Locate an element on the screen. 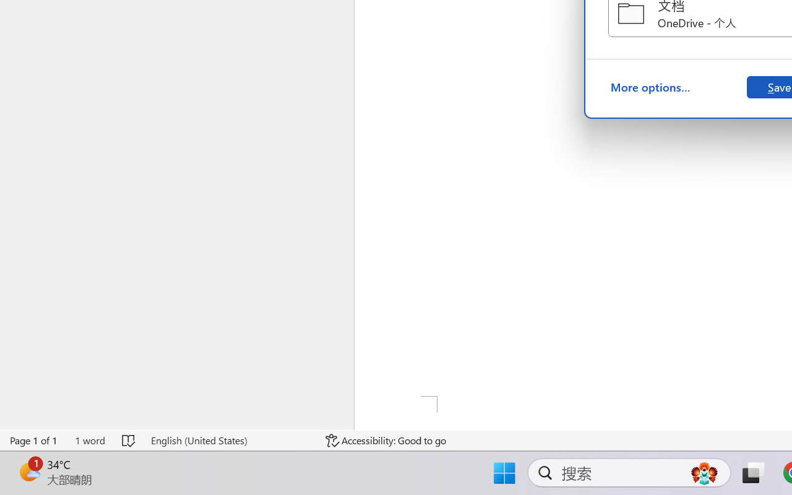 This screenshot has width=792, height=495. 'Page Number Page 1 of 1' is located at coordinates (34, 440).